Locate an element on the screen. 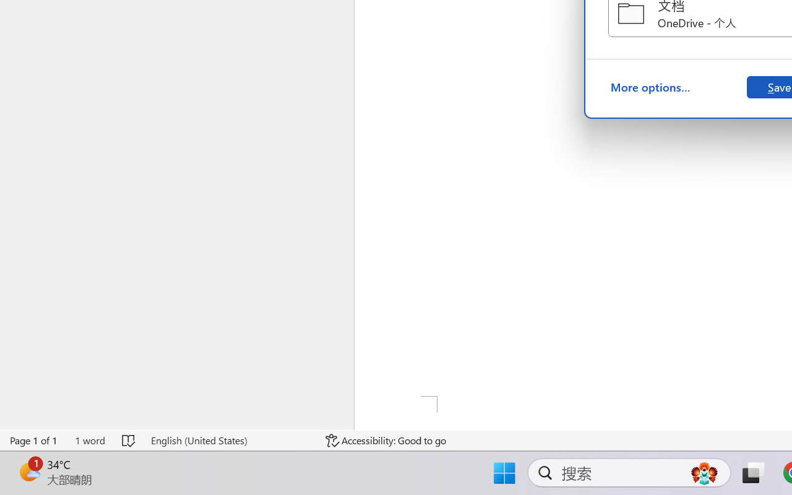 This screenshot has width=792, height=495. 'Page Number Page 1 of 1' is located at coordinates (34, 440).